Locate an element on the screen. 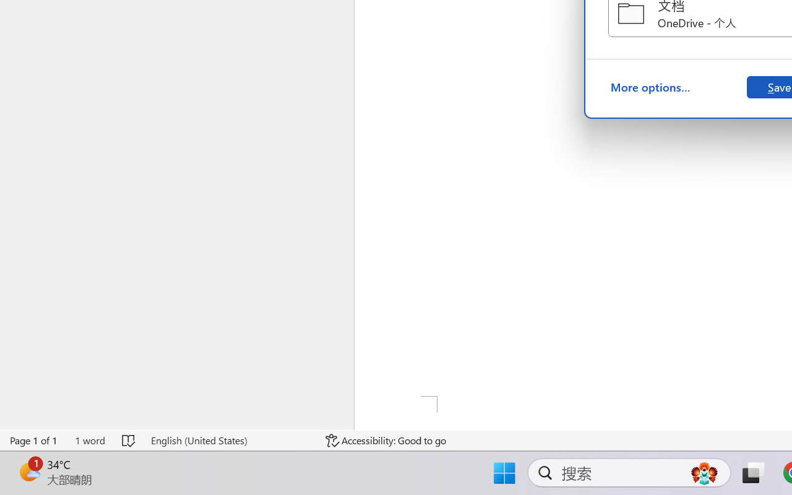 This screenshot has width=792, height=495. 'Page Number Page 1 of 1' is located at coordinates (34, 440).